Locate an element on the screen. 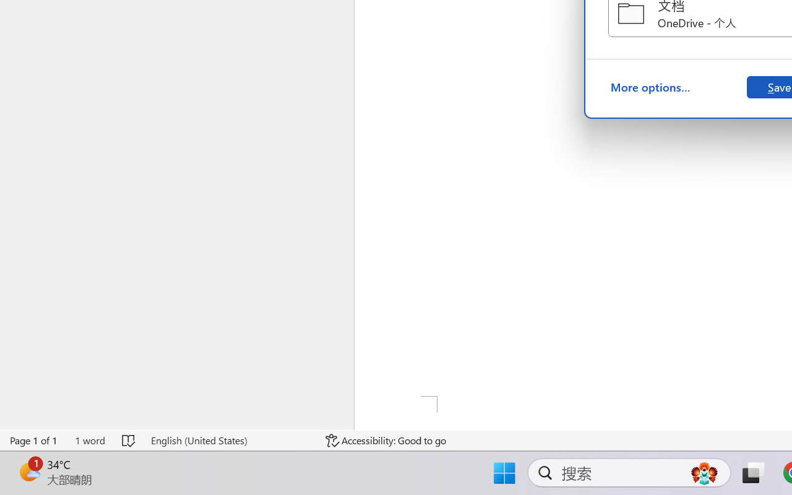 This screenshot has width=792, height=495. 'Page Number Page 1 of 1' is located at coordinates (34, 440).